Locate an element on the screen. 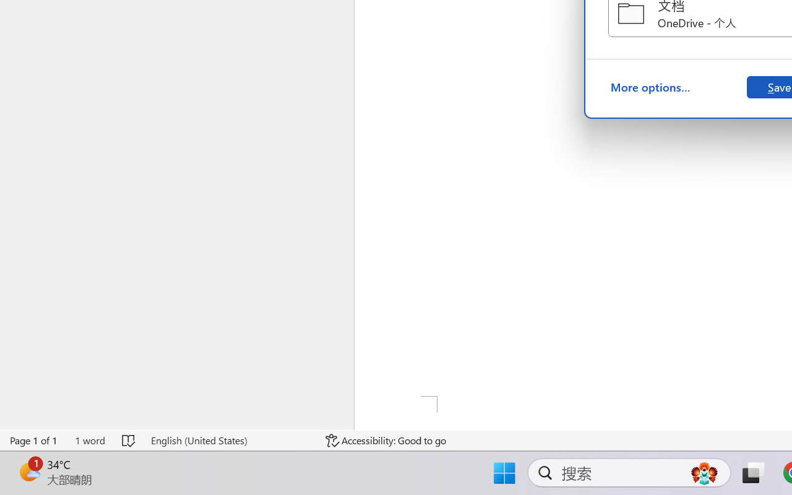 This screenshot has width=792, height=495. 'Page Number Page 1 of 1' is located at coordinates (34, 440).